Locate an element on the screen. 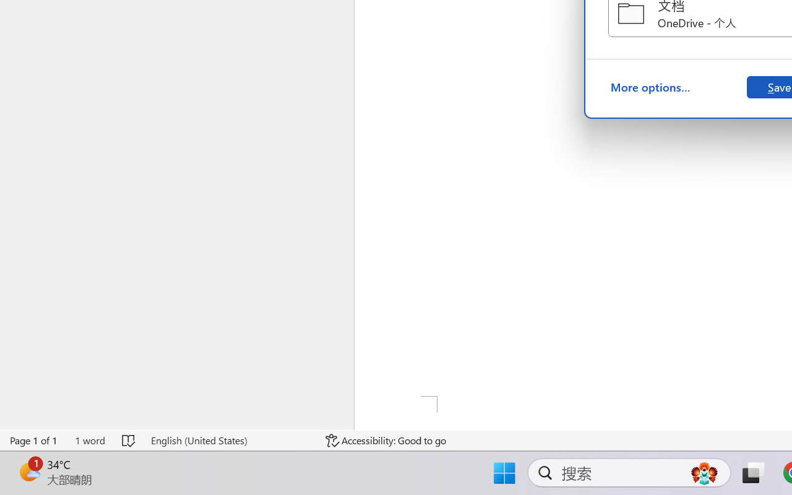 This screenshot has width=792, height=495. 'Page Number Page 1 of 1' is located at coordinates (34, 440).